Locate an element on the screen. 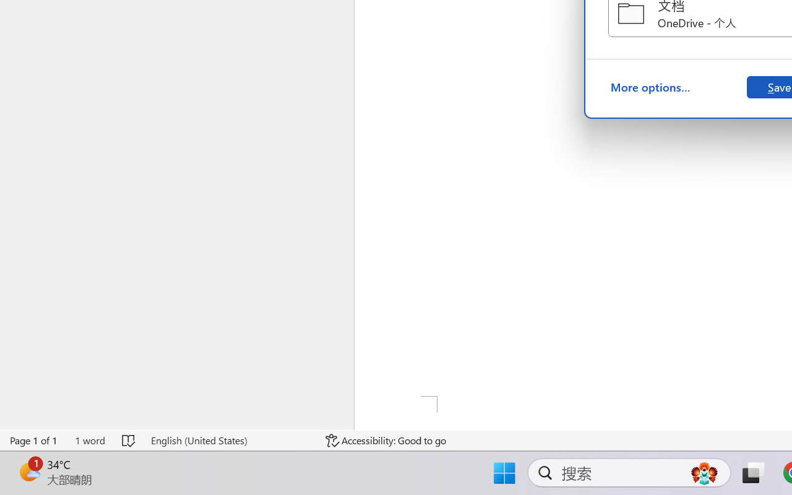 This screenshot has width=792, height=495. 'Page Number Page 1 of 1' is located at coordinates (34, 440).